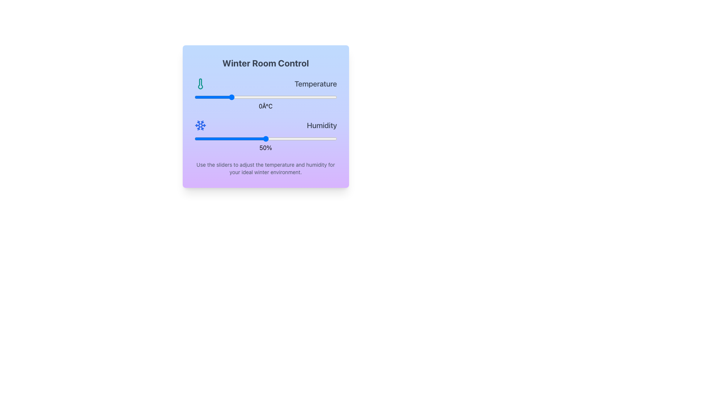  I want to click on text label element displaying '0°C', which is styled with medium-sized black font on a light blue background and positioned below a slider input, so click(266, 106).